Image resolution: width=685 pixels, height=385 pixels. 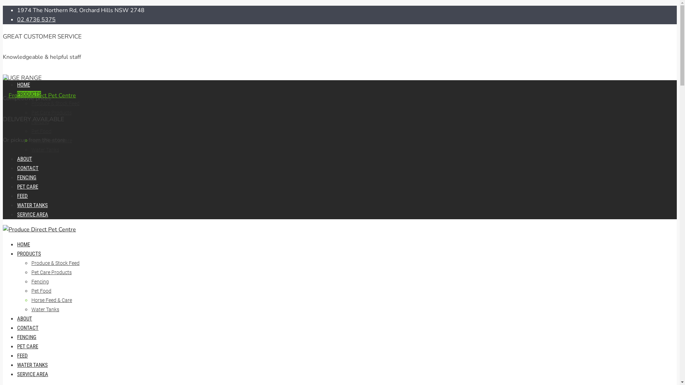 I want to click on 'Water Tanks', so click(x=45, y=149).